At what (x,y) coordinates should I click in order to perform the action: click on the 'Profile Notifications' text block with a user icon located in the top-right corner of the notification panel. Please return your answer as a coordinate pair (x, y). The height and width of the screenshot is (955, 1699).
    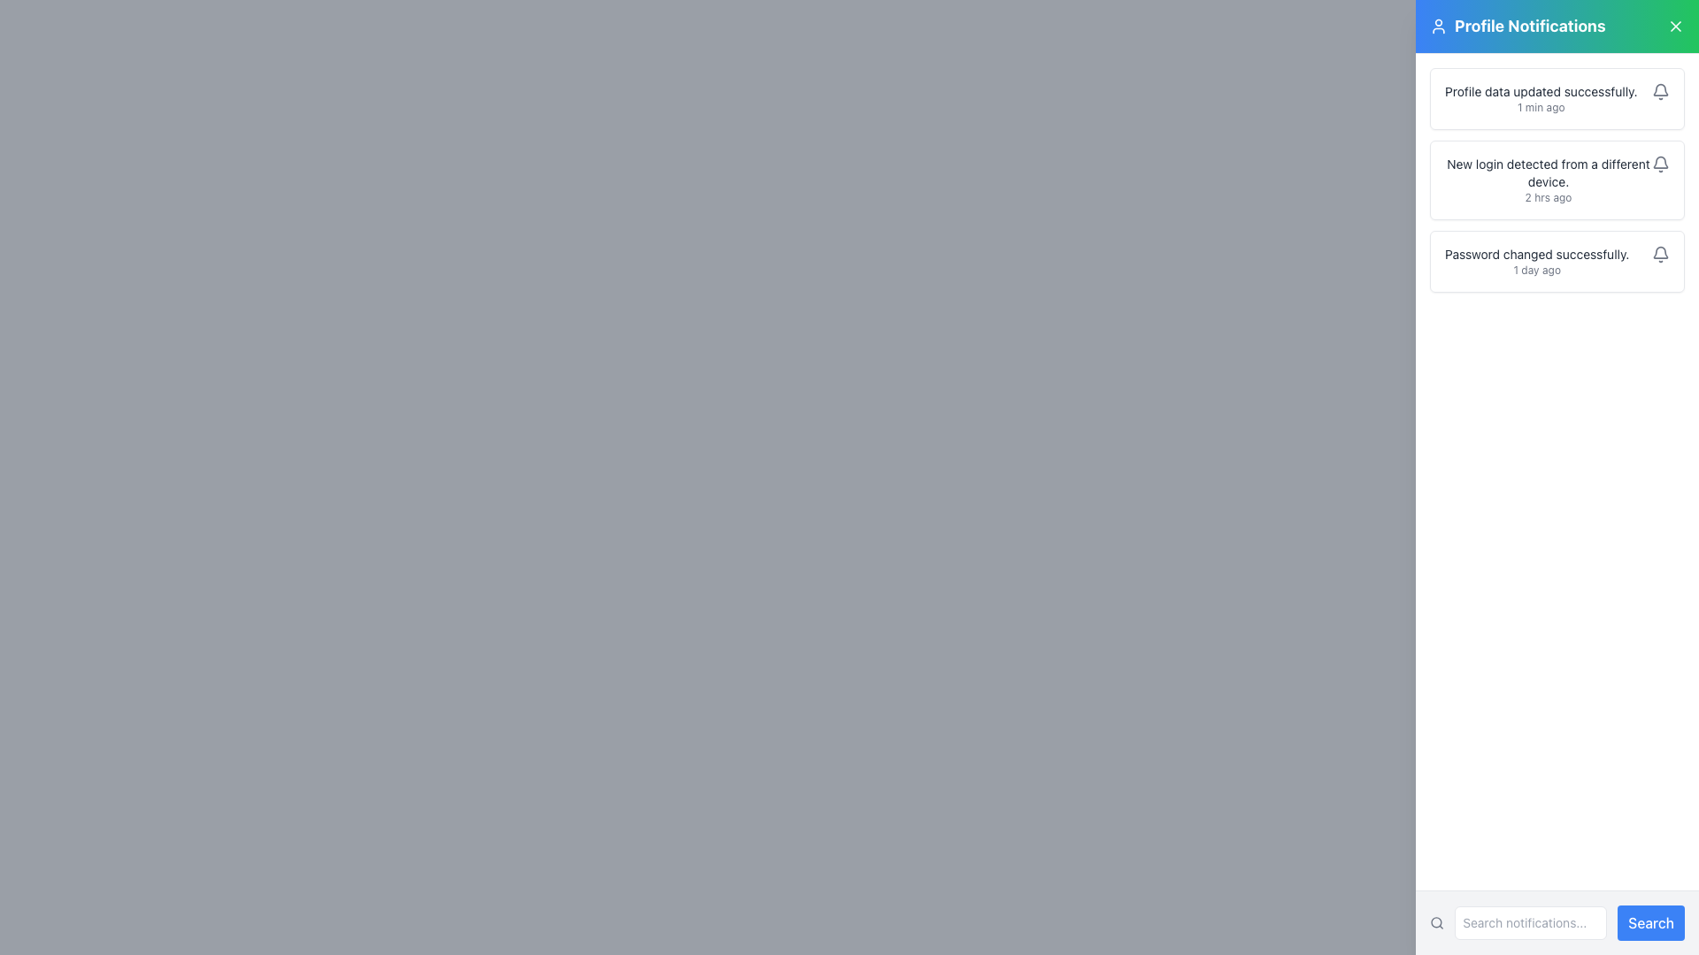
    Looking at the image, I should click on (1517, 27).